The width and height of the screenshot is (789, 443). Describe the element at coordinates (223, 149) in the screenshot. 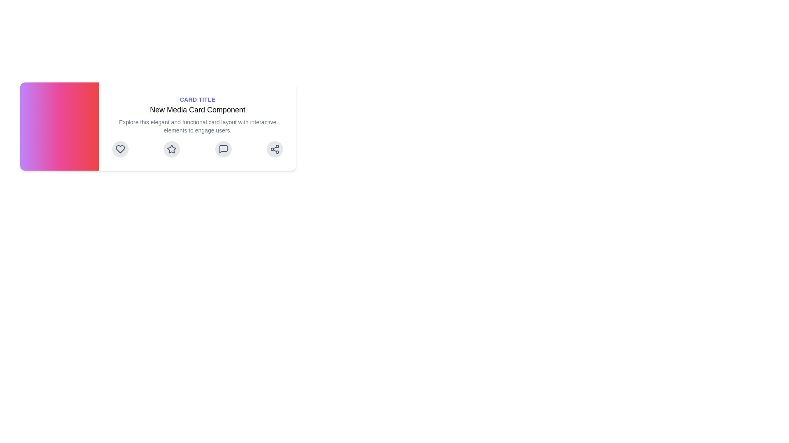

I see `the third interactive icon from the left in a horizontal row of icons below the text on the card` at that location.